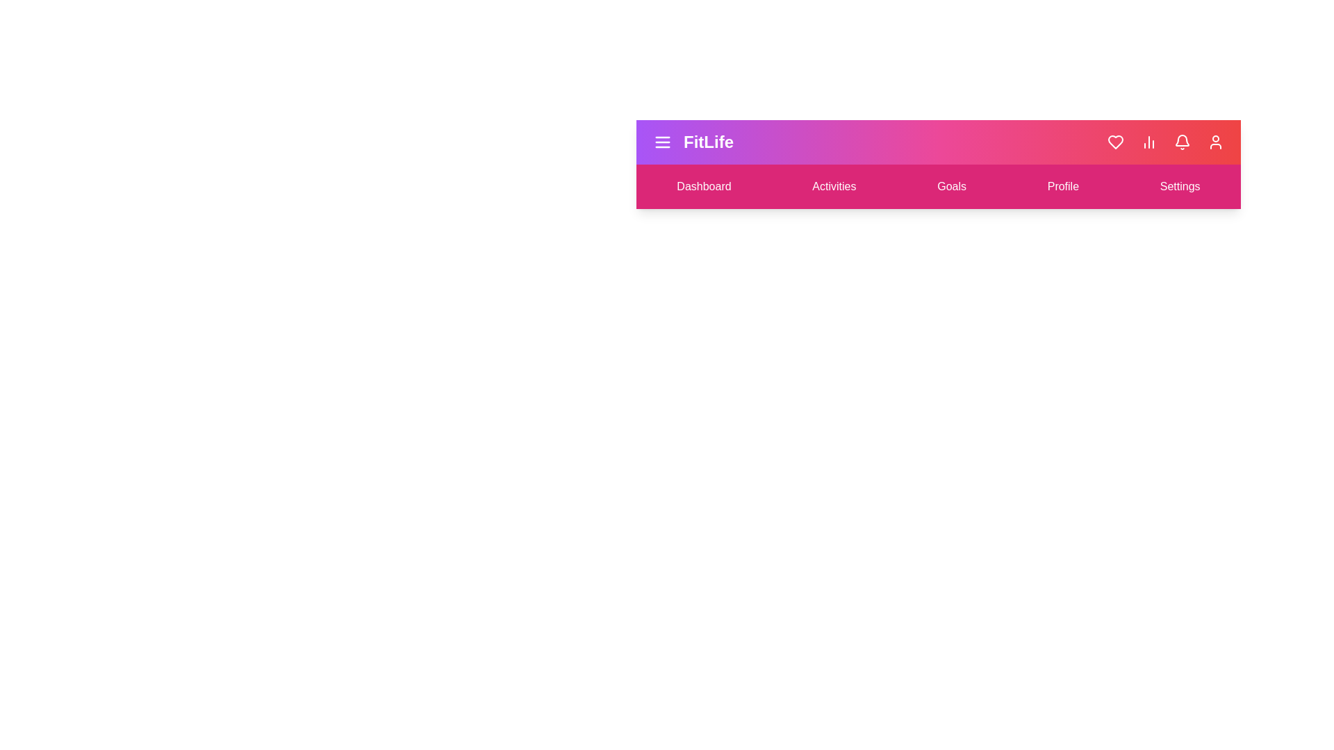 This screenshot has height=750, width=1334. Describe the element at coordinates (834, 186) in the screenshot. I see `the menu item corresponding to Activities` at that location.